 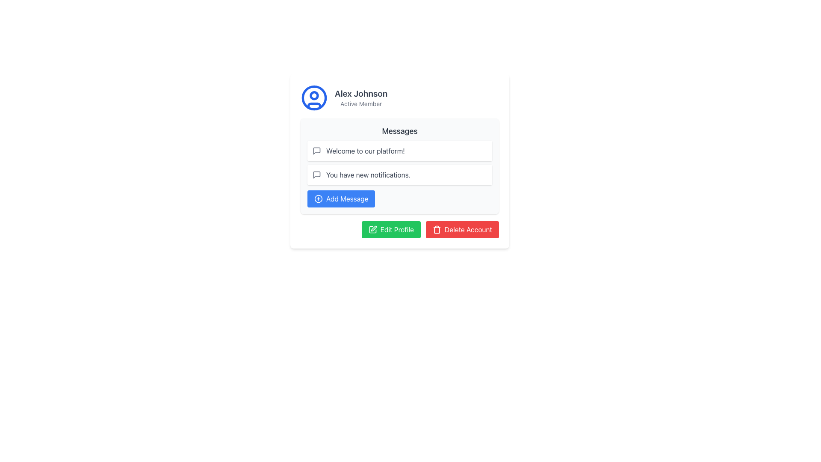 What do you see at coordinates (437, 229) in the screenshot?
I see `the deletion icon located on the leftmost side of the 'Delete Account' button` at bounding box center [437, 229].